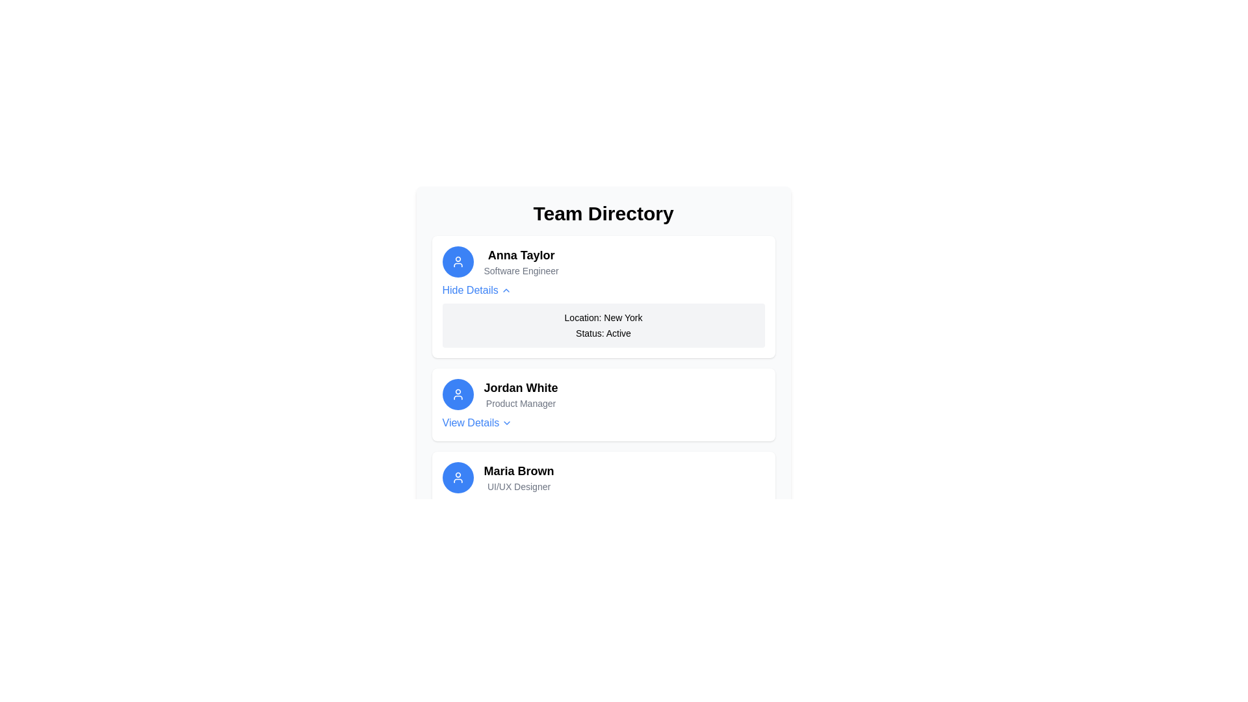 This screenshot has width=1248, height=702. I want to click on the Profile summary block for 'Anna Taylor', so click(603, 261).